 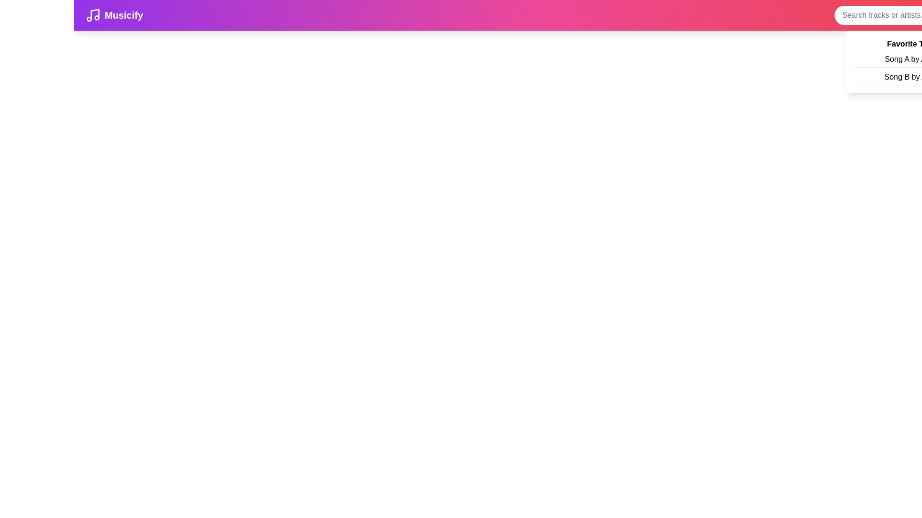 What do you see at coordinates (889, 15) in the screenshot?
I see `the search input field to focus it` at bounding box center [889, 15].